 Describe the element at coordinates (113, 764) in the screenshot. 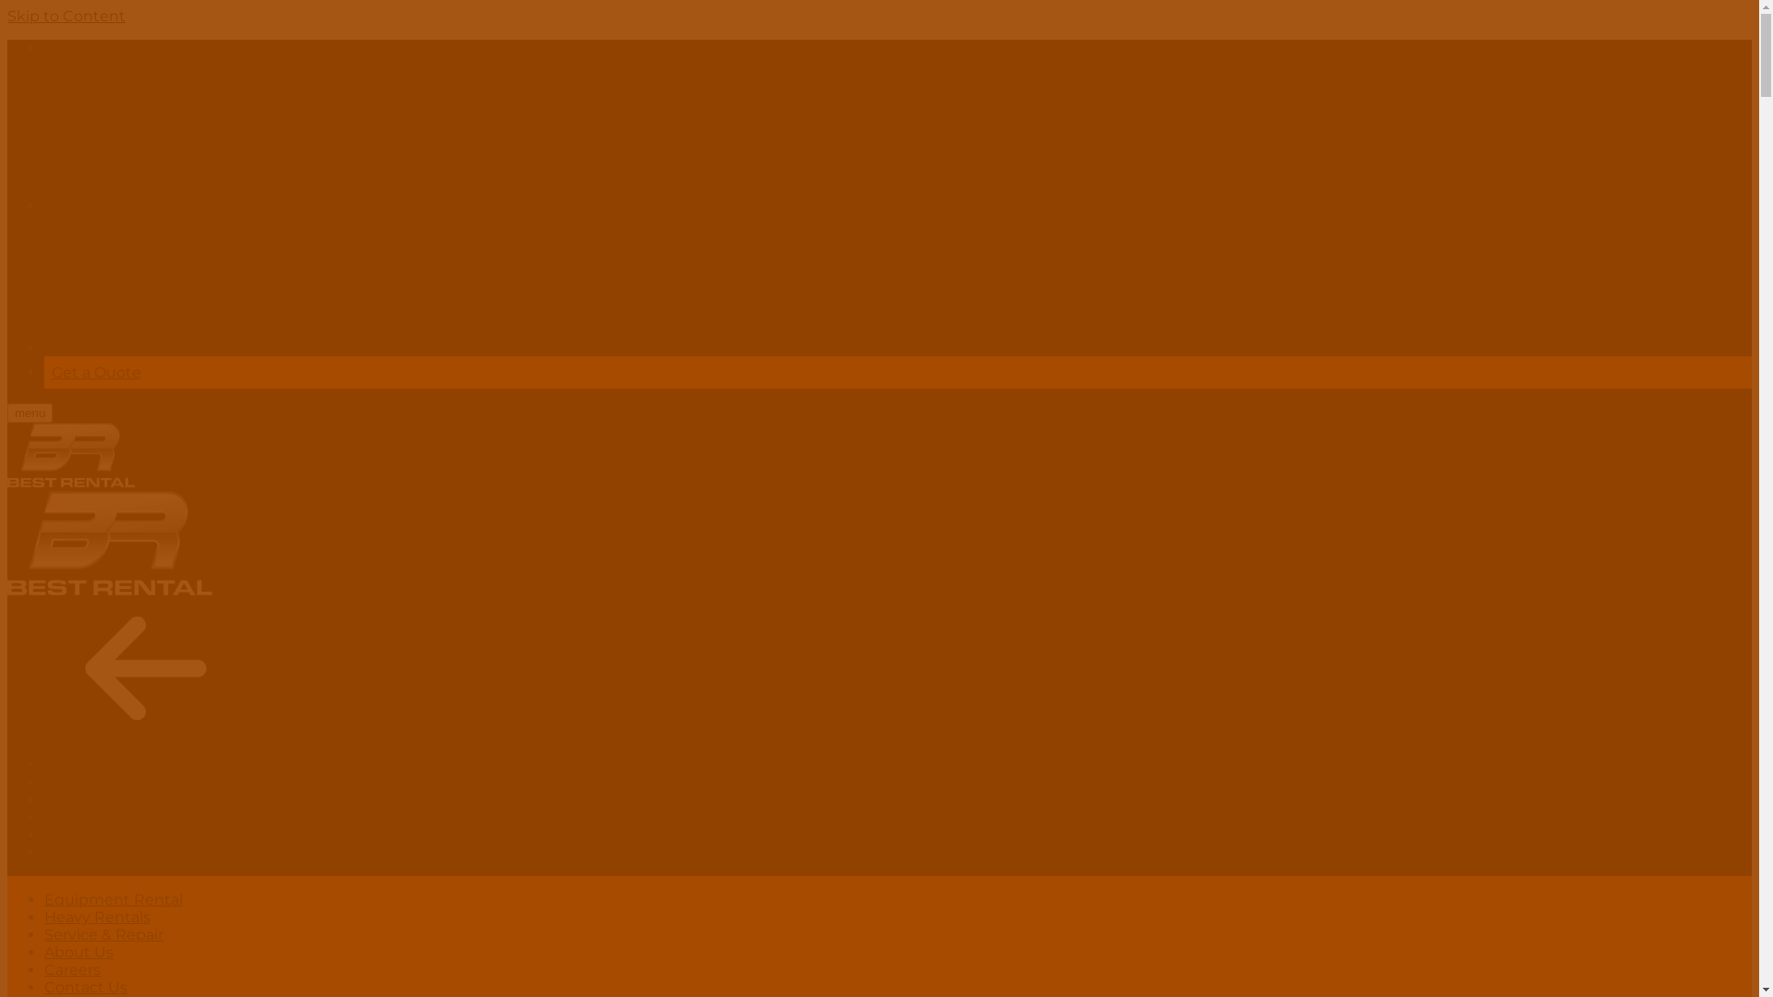

I see `'Equipment Rental'` at that location.